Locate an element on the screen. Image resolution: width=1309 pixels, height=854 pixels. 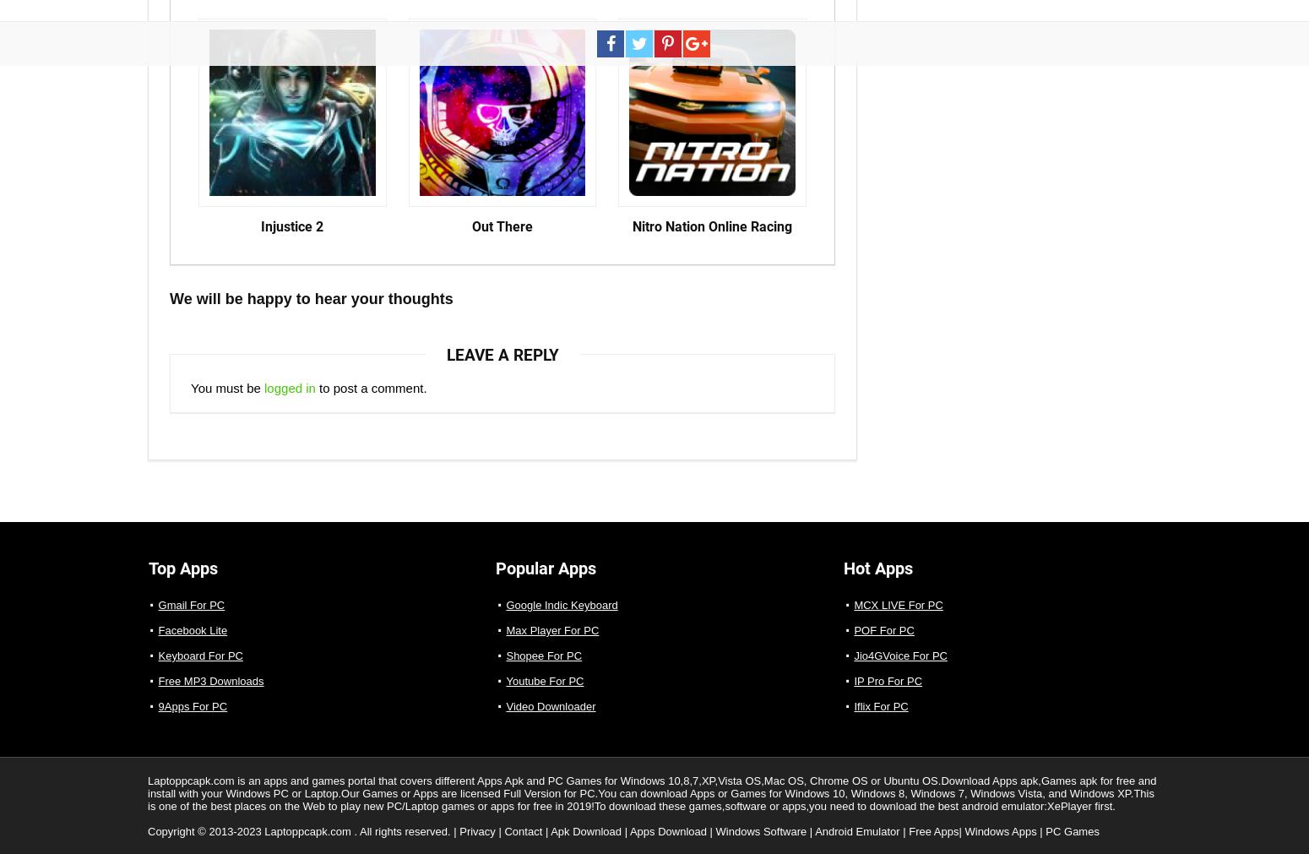
'POF For PC' is located at coordinates (883, 629).